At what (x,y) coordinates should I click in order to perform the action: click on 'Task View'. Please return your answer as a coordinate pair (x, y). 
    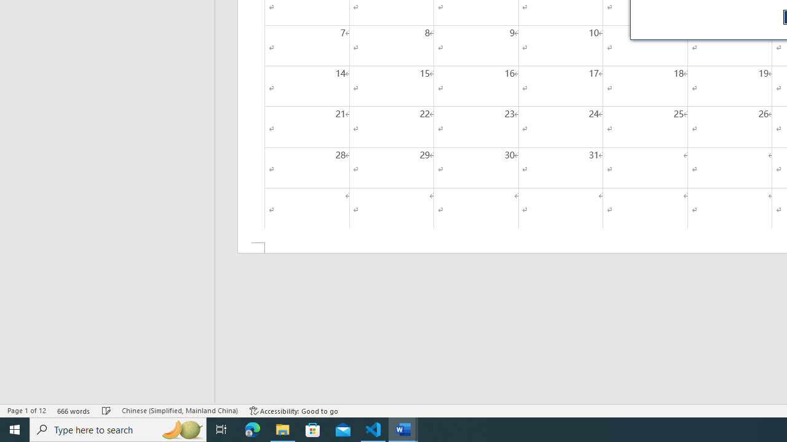
    Looking at the image, I should click on (221, 428).